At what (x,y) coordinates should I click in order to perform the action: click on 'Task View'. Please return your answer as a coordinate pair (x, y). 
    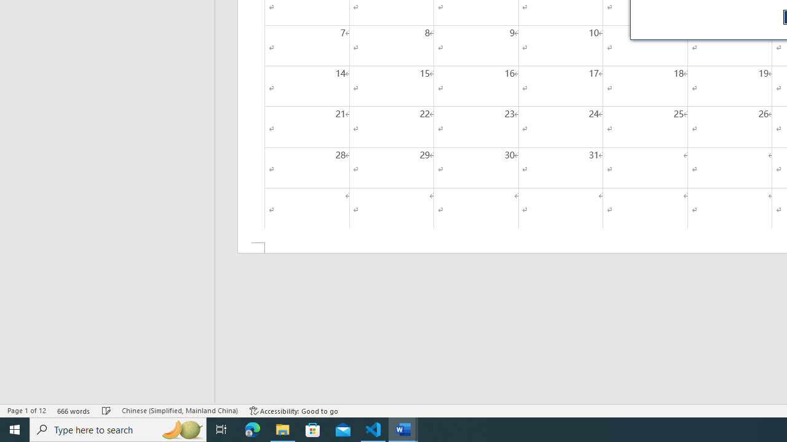
    Looking at the image, I should click on (221, 428).